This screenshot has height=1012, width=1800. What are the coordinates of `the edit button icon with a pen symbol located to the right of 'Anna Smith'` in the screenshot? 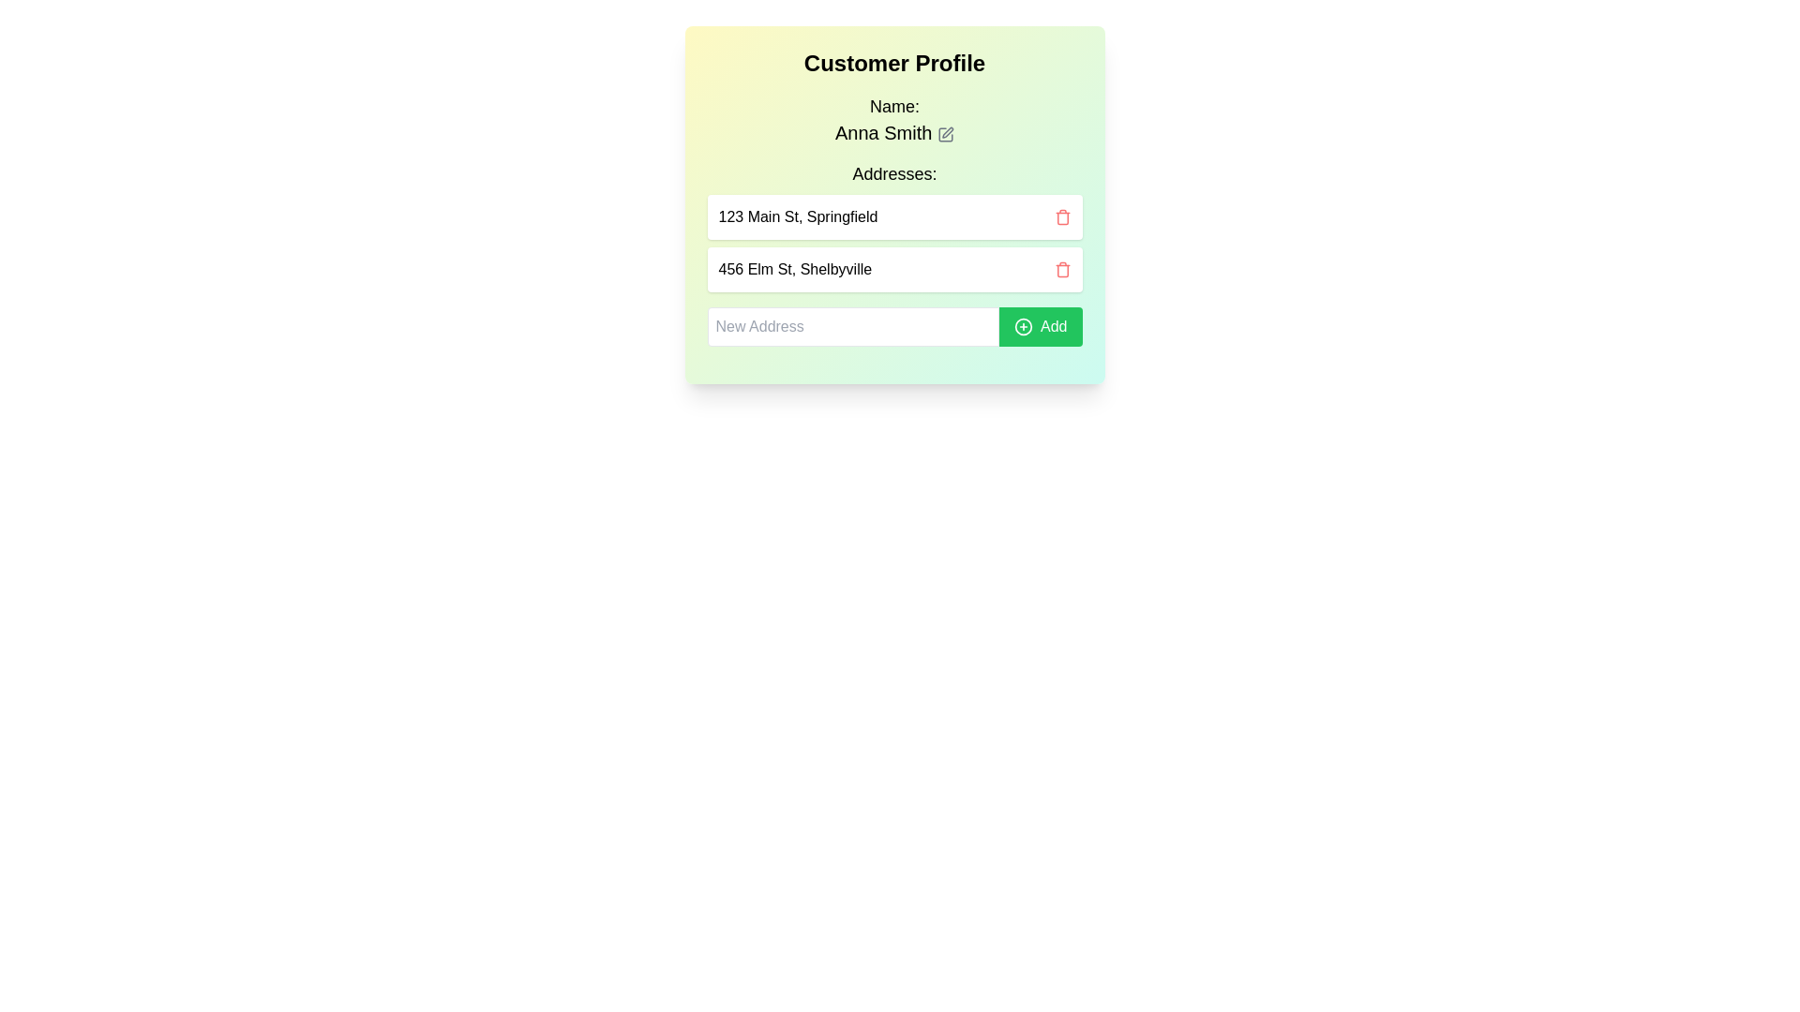 It's located at (945, 133).